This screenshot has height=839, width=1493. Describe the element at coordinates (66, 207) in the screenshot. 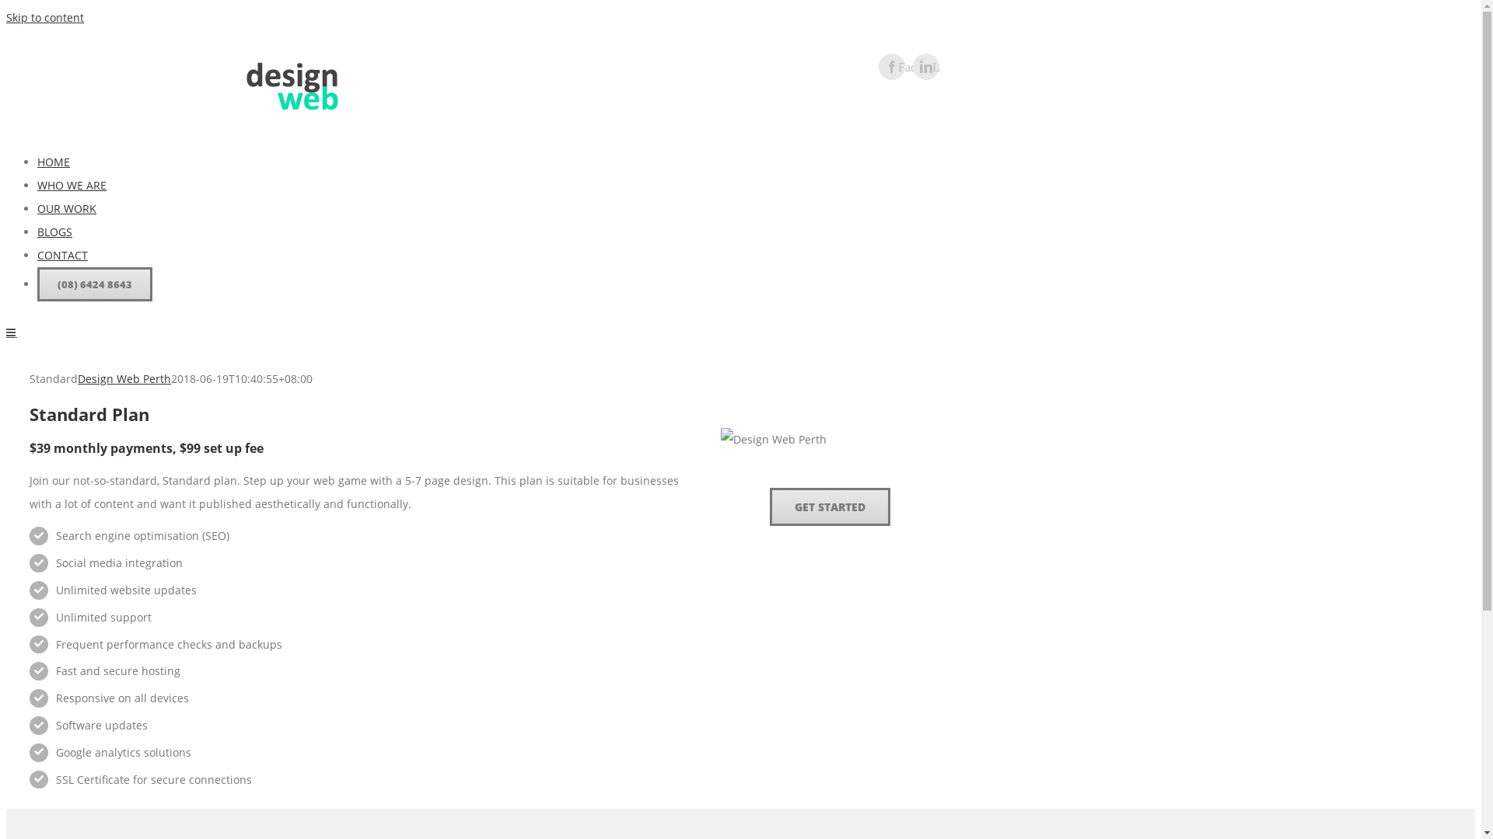

I see `'OUR WORK'` at that location.